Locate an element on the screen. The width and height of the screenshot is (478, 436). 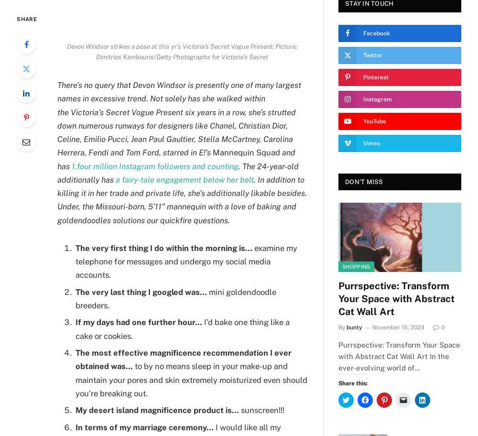
'bunty' is located at coordinates (354, 327).